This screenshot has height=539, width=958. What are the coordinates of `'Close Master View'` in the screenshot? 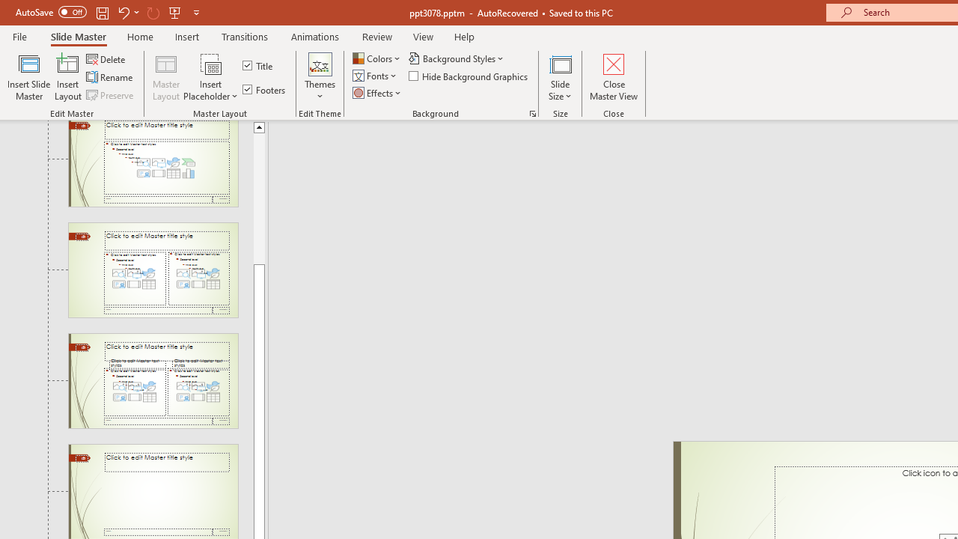 It's located at (614, 77).